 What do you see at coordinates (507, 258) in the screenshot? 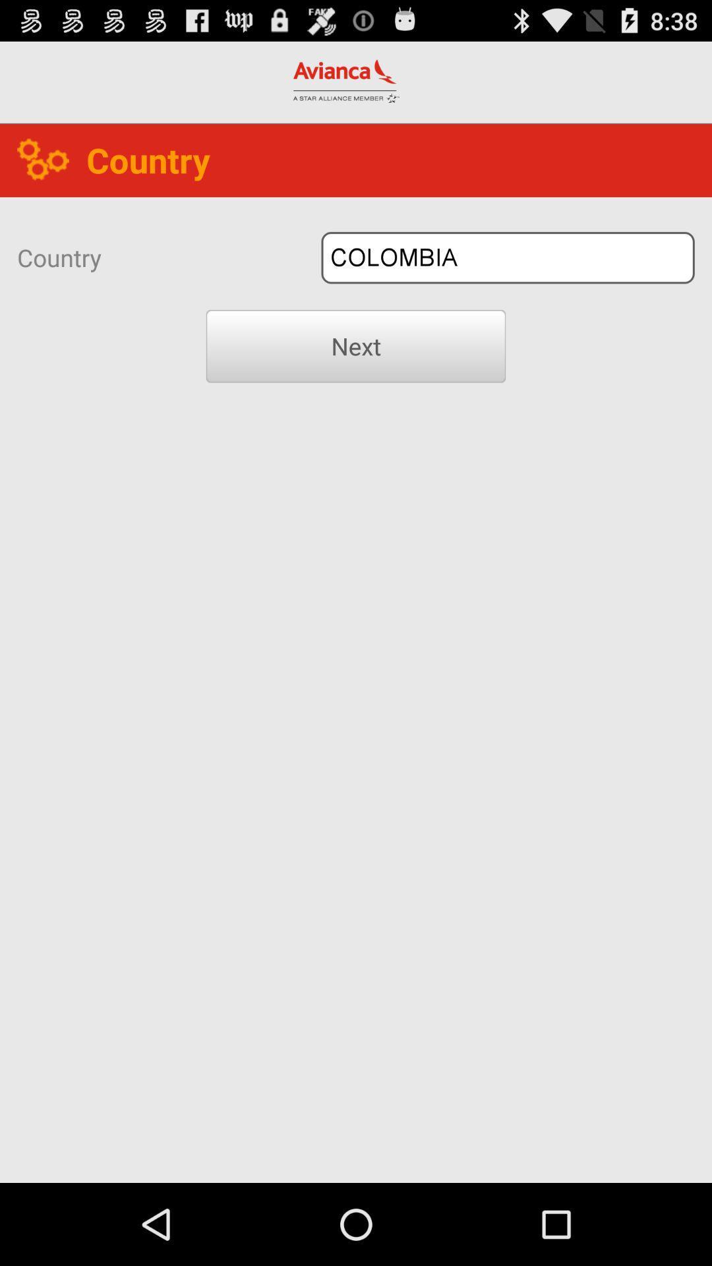
I see `colombia icon` at bounding box center [507, 258].